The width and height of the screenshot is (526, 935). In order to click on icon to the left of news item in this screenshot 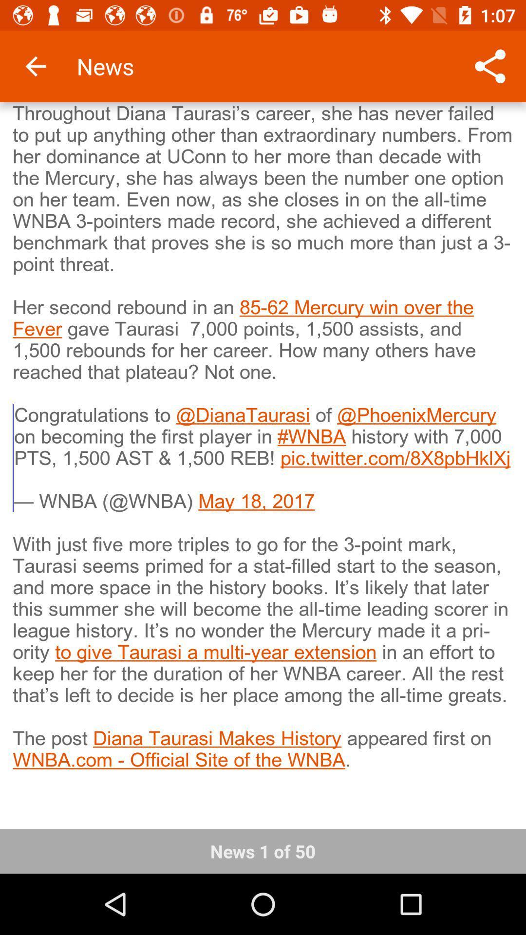, I will do `click(35, 66)`.